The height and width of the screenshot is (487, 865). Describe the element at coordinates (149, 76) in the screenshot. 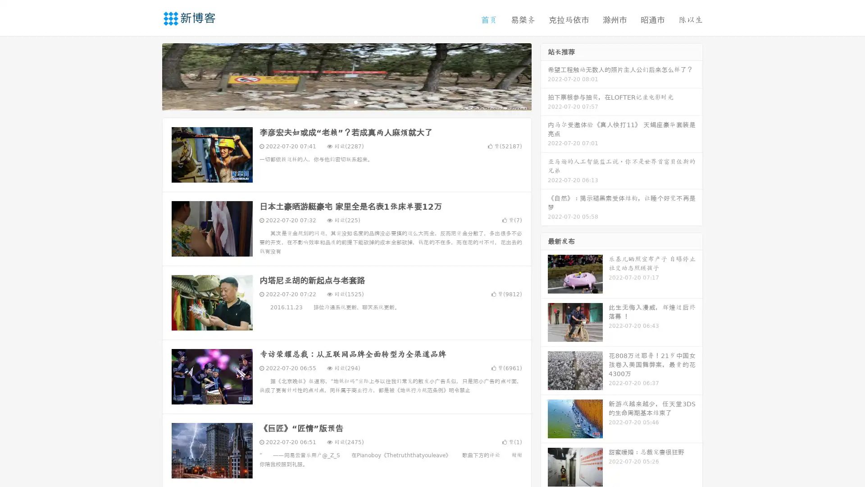

I see `Previous slide` at that location.